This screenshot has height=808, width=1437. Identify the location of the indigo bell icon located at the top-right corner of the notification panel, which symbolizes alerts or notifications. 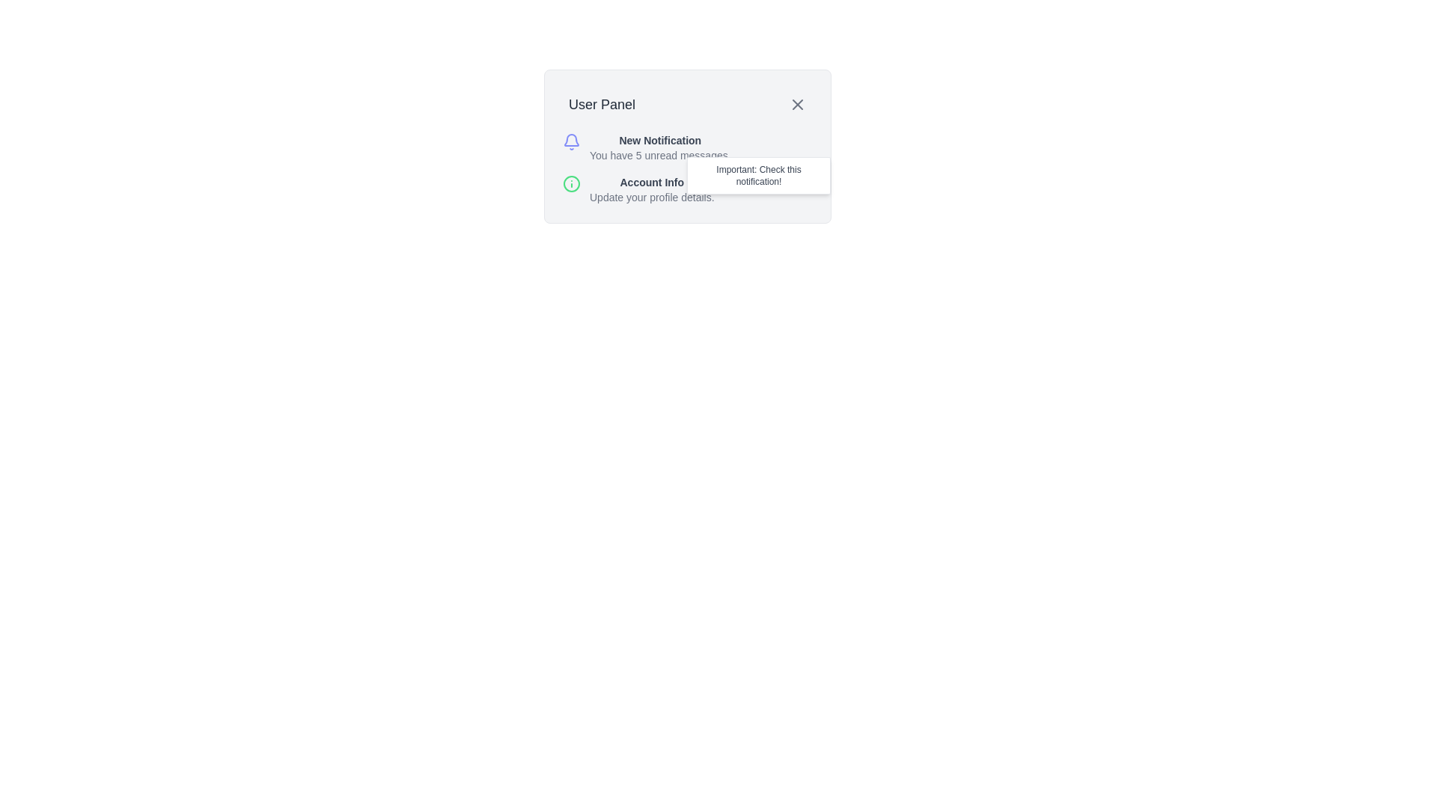
(570, 140).